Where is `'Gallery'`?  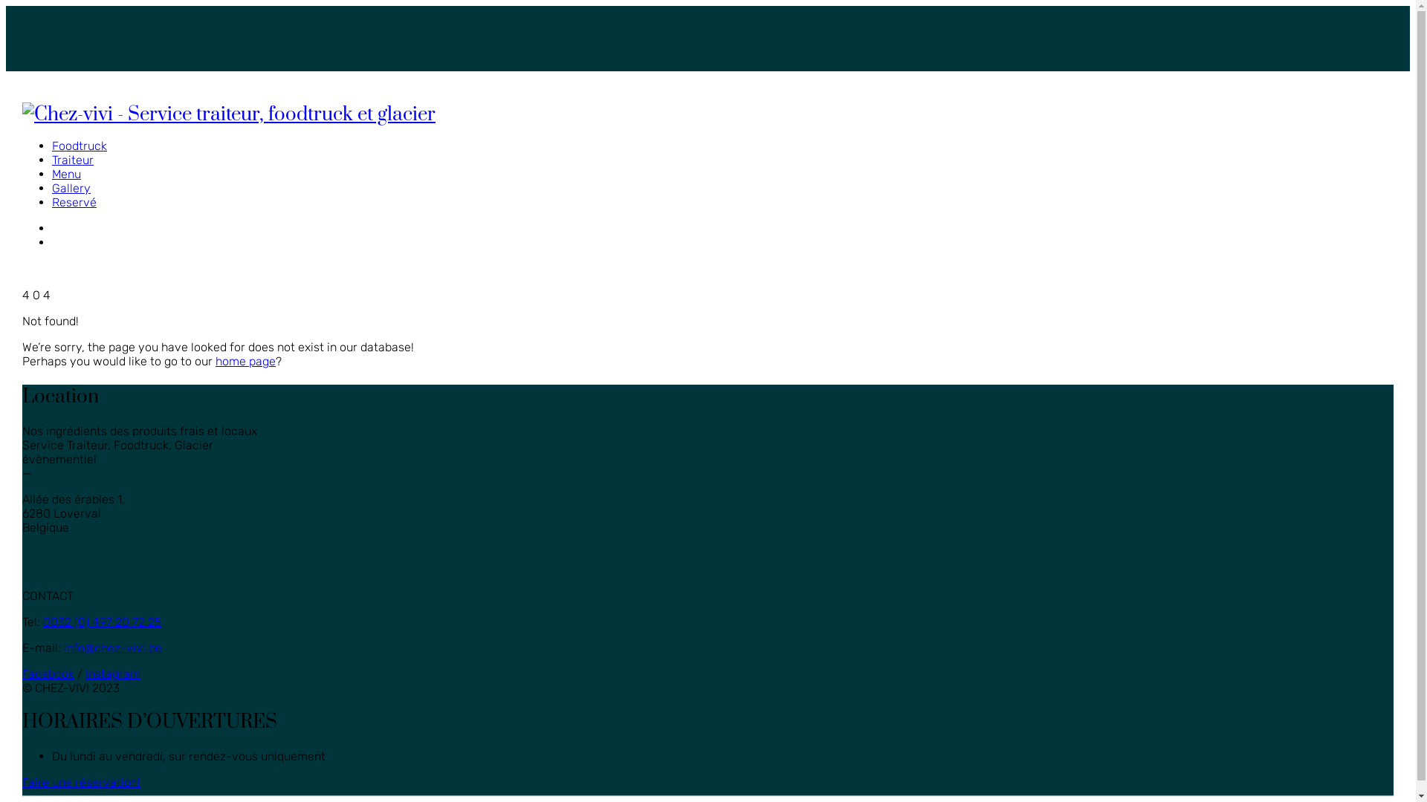
'Gallery' is located at coordinates (71, 187).